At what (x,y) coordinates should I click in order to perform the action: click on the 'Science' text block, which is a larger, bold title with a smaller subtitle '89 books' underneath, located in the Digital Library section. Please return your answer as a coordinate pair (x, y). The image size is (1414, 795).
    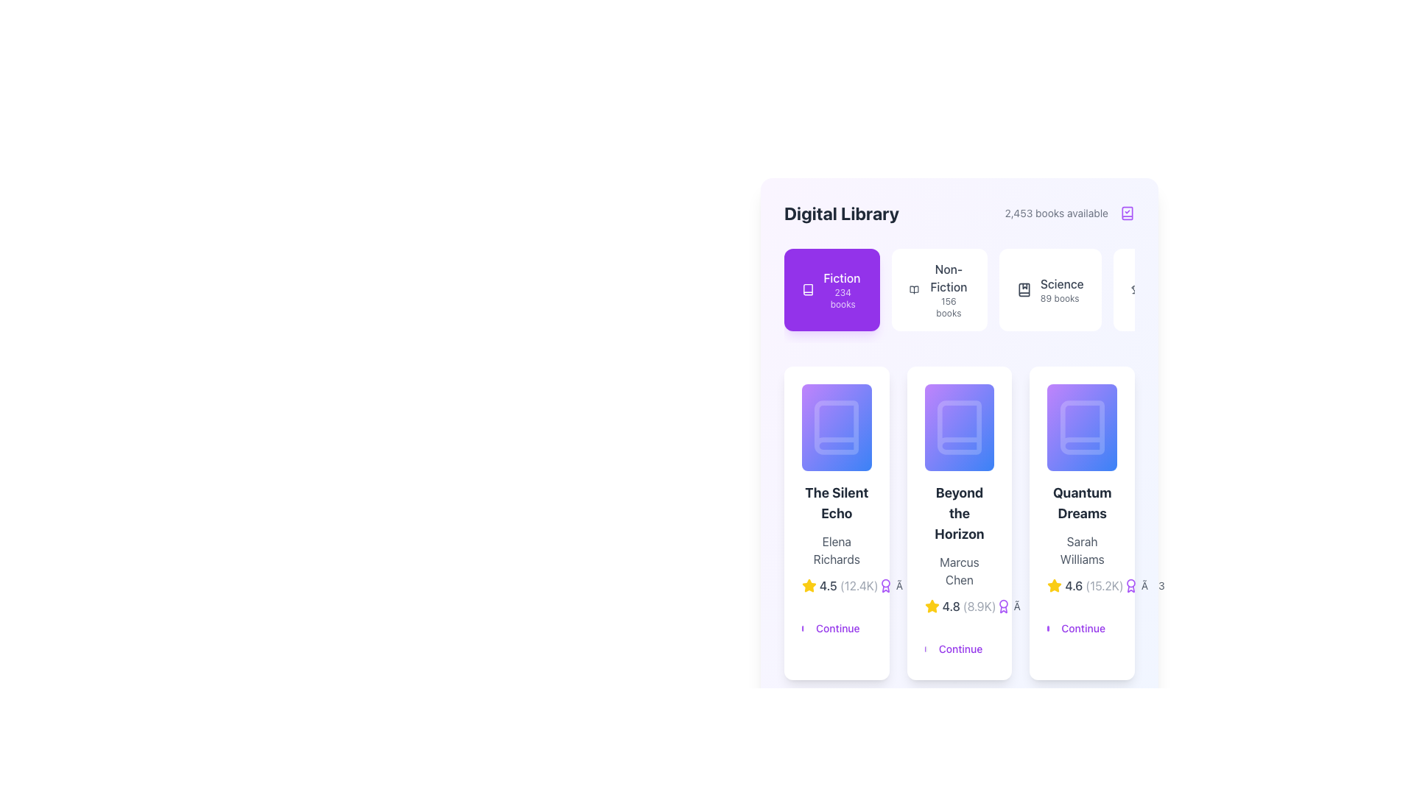
    Looking at the image, I should click on (1062, 289).